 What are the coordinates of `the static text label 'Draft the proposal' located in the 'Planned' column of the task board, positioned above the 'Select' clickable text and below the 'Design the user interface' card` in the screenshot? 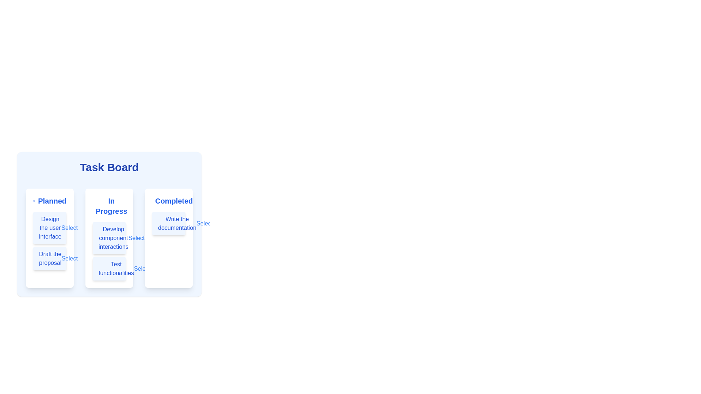 It's located at (50, 258).